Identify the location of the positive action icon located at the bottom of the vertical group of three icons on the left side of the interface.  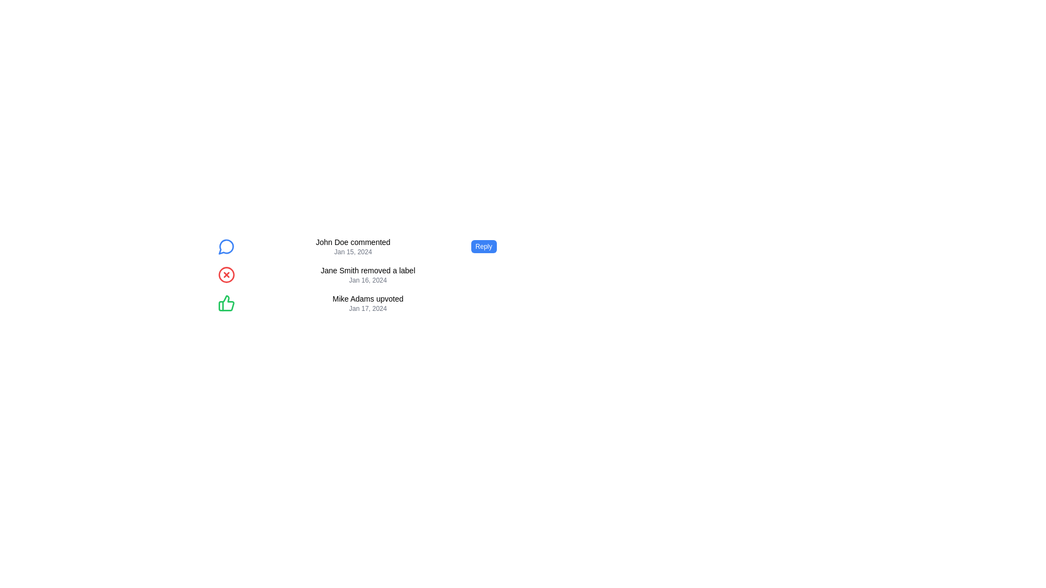
(226, 303).